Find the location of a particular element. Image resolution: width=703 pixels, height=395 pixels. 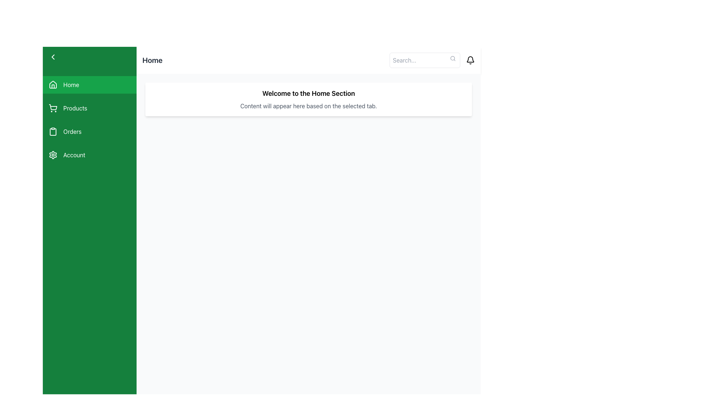

the 'Orders' text label in the vertical navigation menu is located at coordinates (72, 131).